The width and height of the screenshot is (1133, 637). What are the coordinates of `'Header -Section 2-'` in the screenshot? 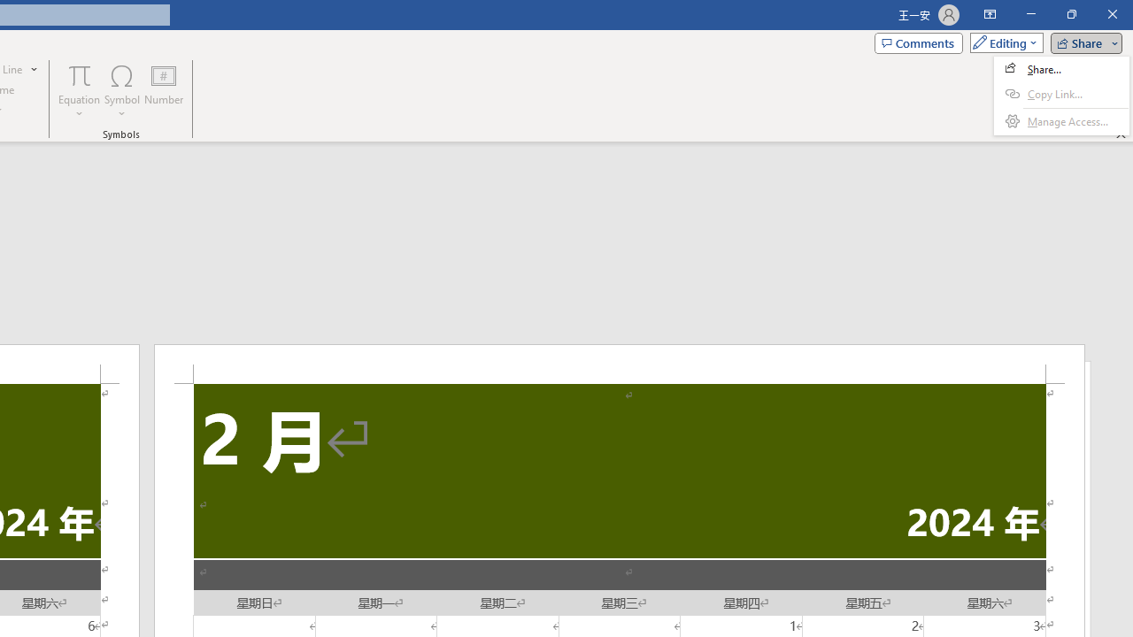 It's located at (620, 363).